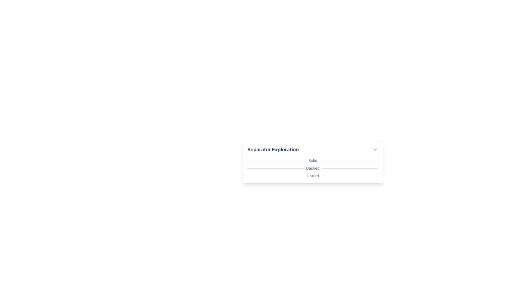  Describe the element at coordinates (375, 150) in the screenshot. I see `the downward-pointing chevron icon, which is gray and part of the dropdown menu indicator` at that location.